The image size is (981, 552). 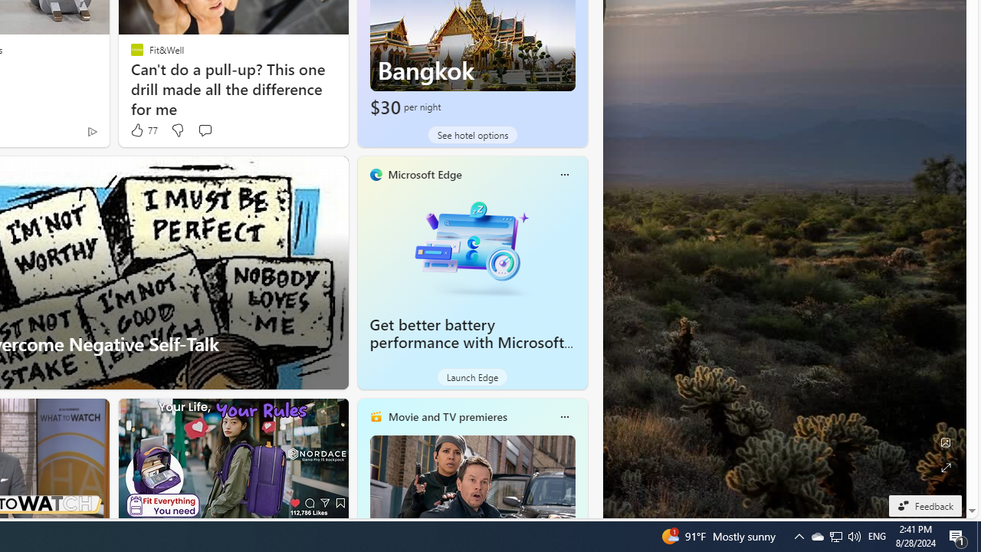 I want to click on '77 Like', so click(x=143, y=130).